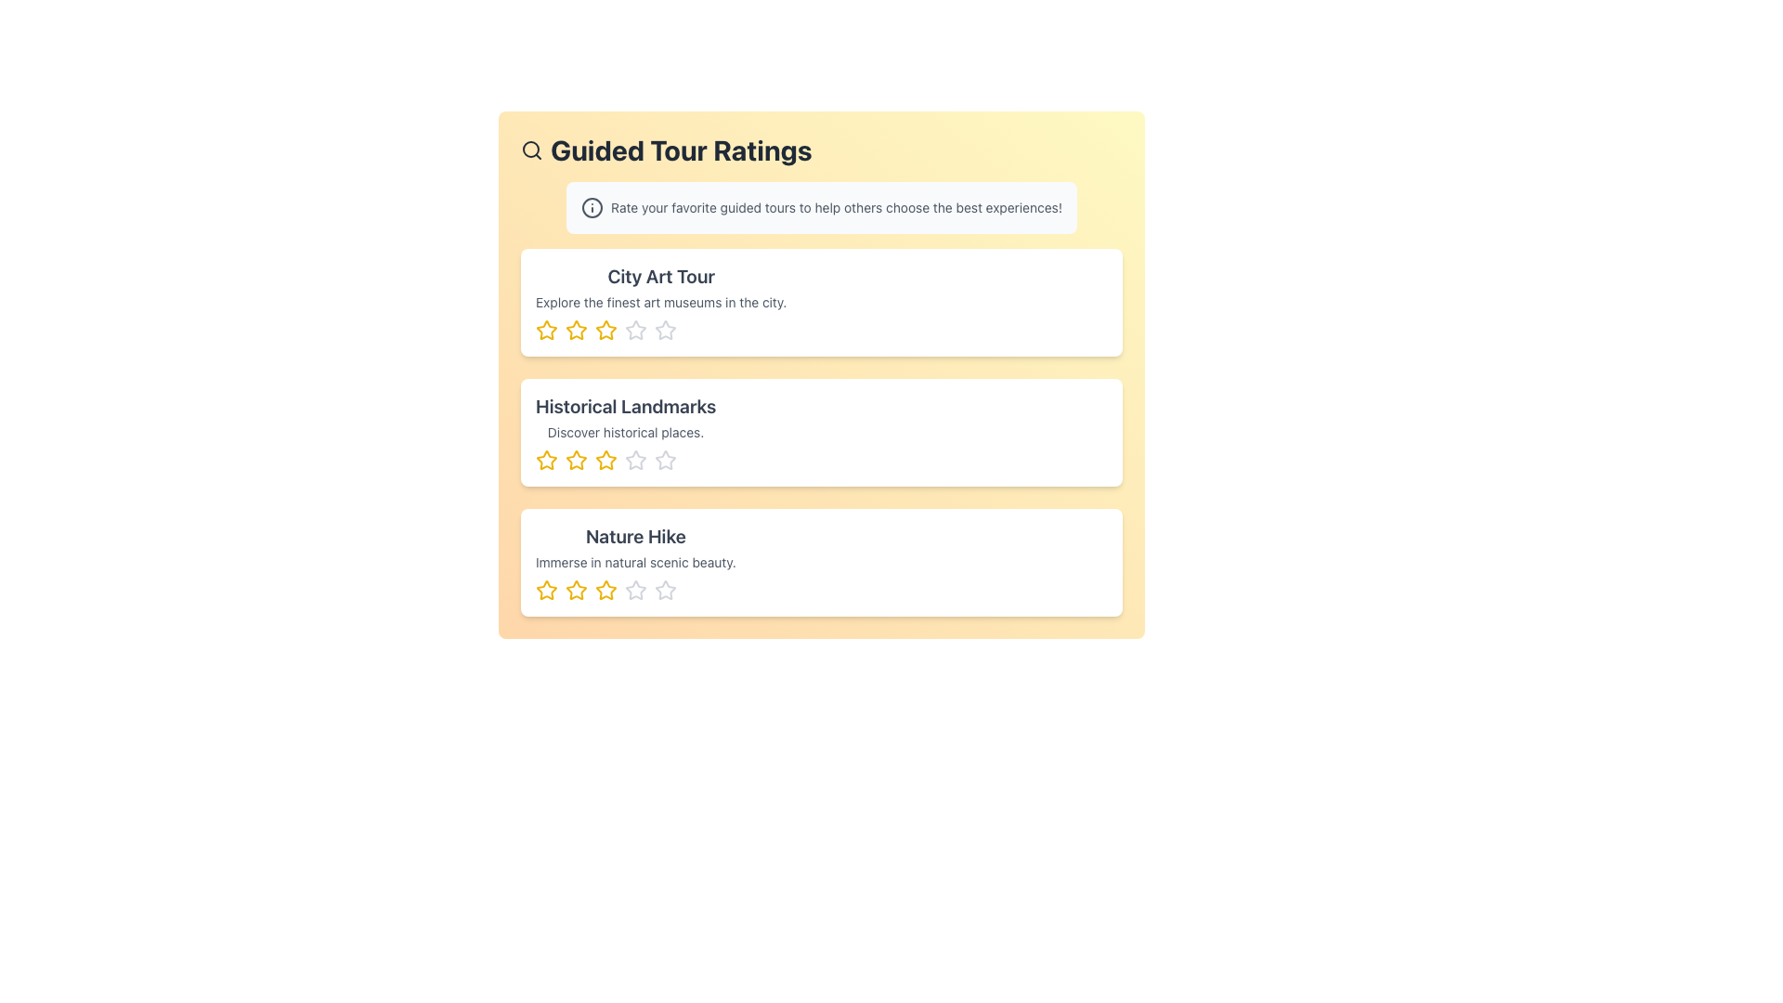 The width and height of the screenshot is (1783, 1003). I want to click on the fourth star in the rating system for the 'City Art Tour', so click(636, 329).